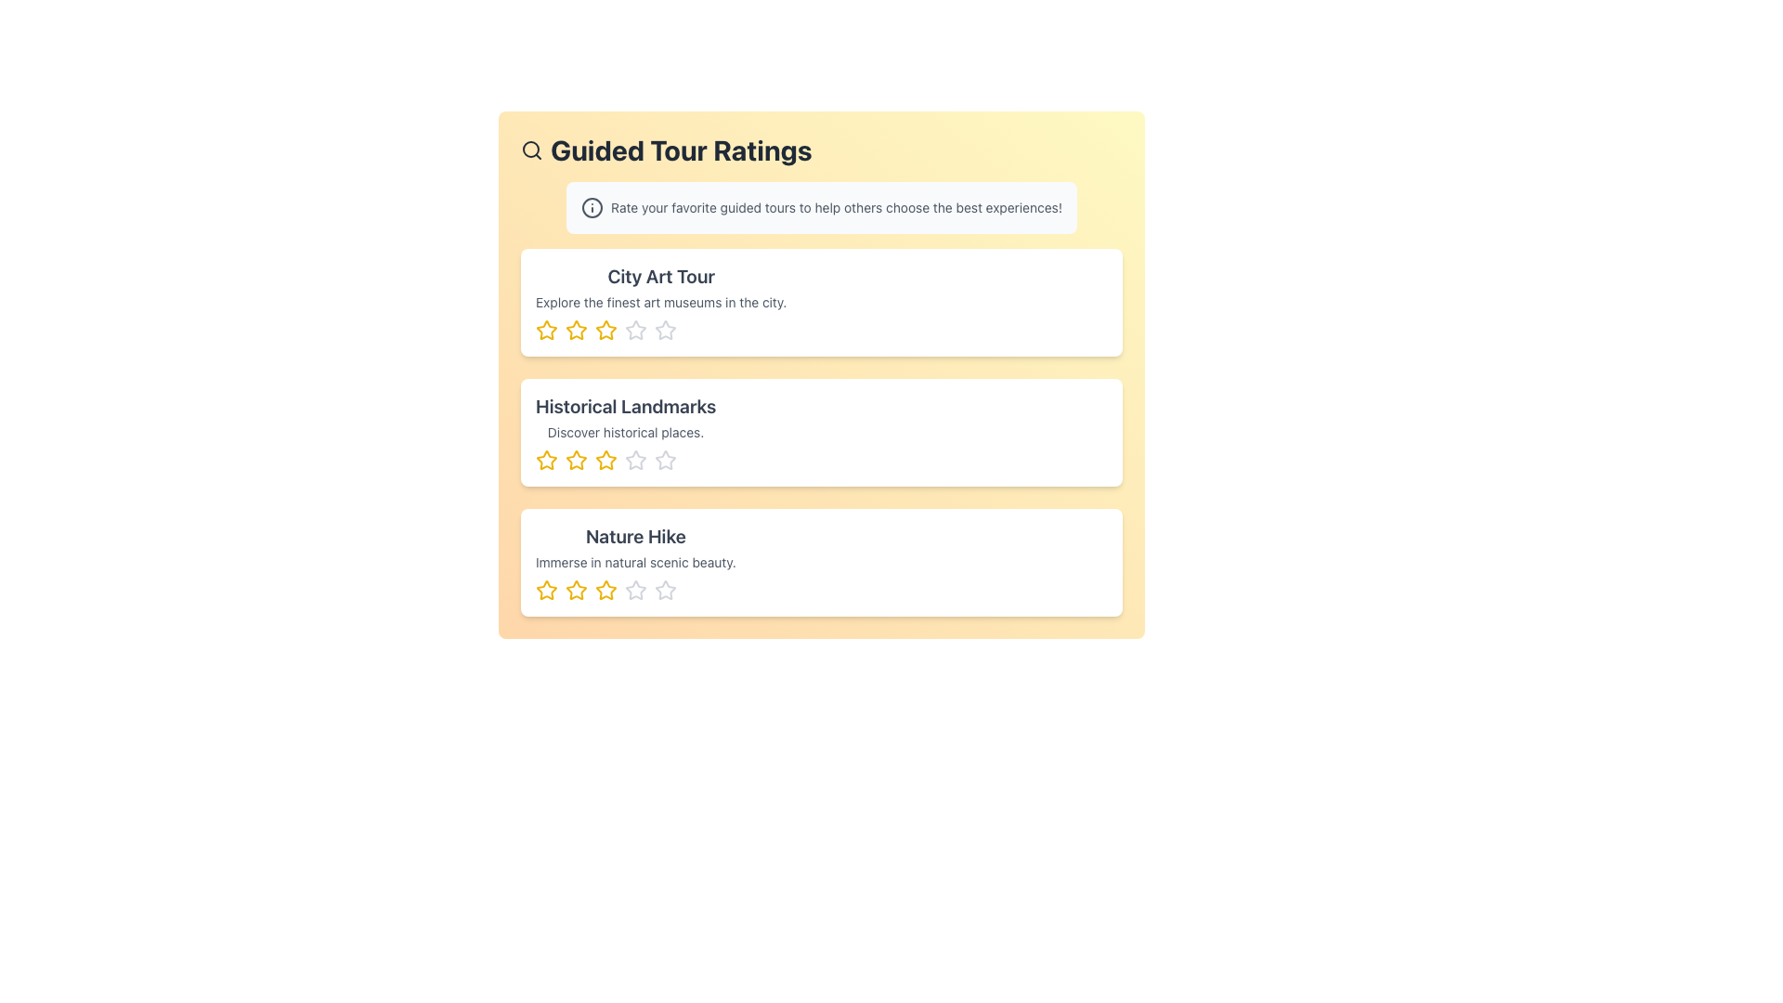 The width and height of the screenshot is (1783, 1003). I want to click on the fourth star in the rating system for the 'City Art Tour', so click(636, 329).